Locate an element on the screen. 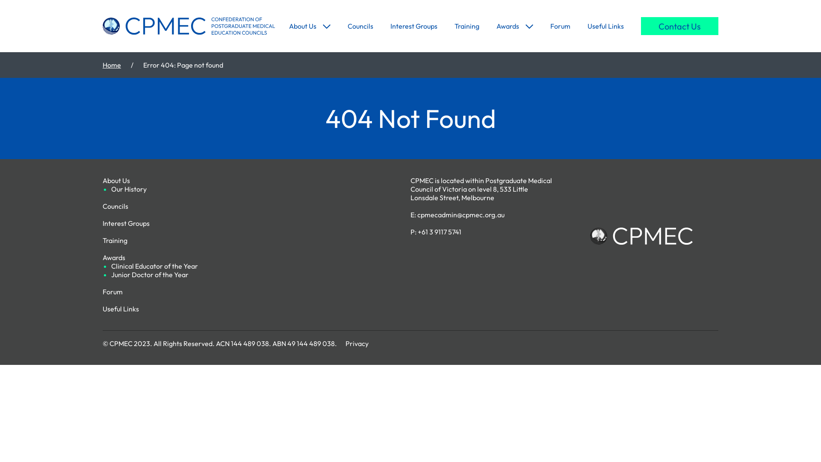 The width and height of the screenshot is (821, 462). 'About Us' is located at coordinates (289, 26).